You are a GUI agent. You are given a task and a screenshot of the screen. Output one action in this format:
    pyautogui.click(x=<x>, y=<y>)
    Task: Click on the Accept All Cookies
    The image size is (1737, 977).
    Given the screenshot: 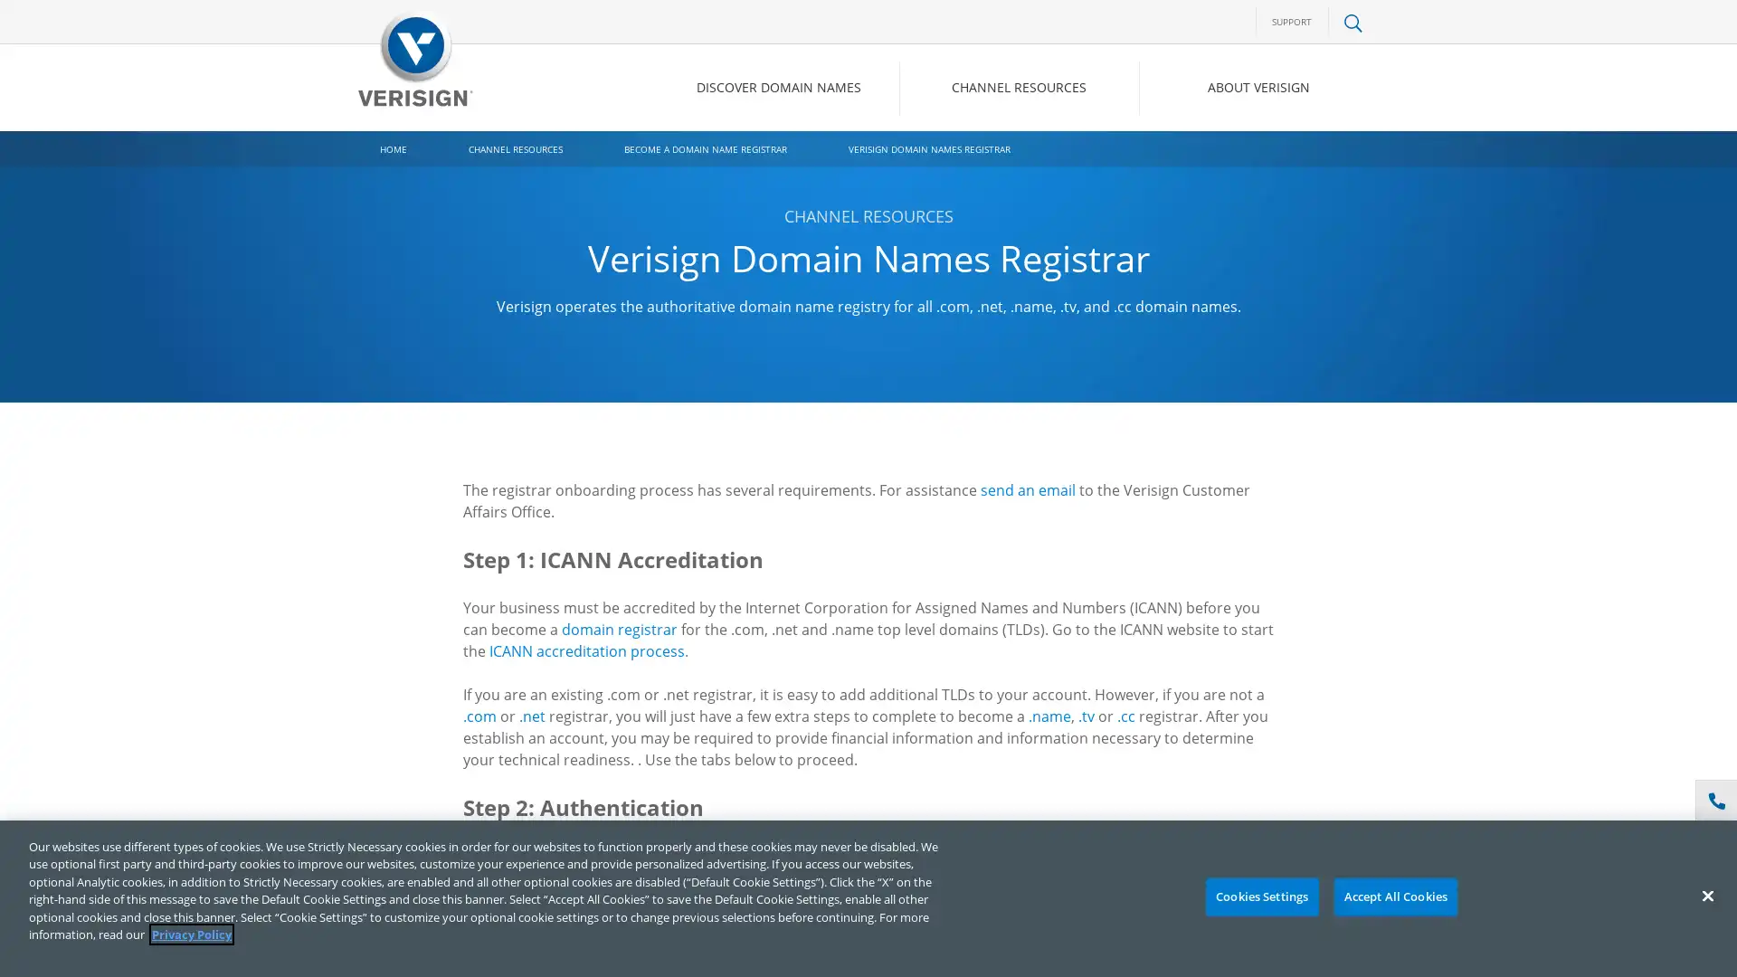 What is the action you would take?
    pyautogui.click(x=1394, y=896)
    